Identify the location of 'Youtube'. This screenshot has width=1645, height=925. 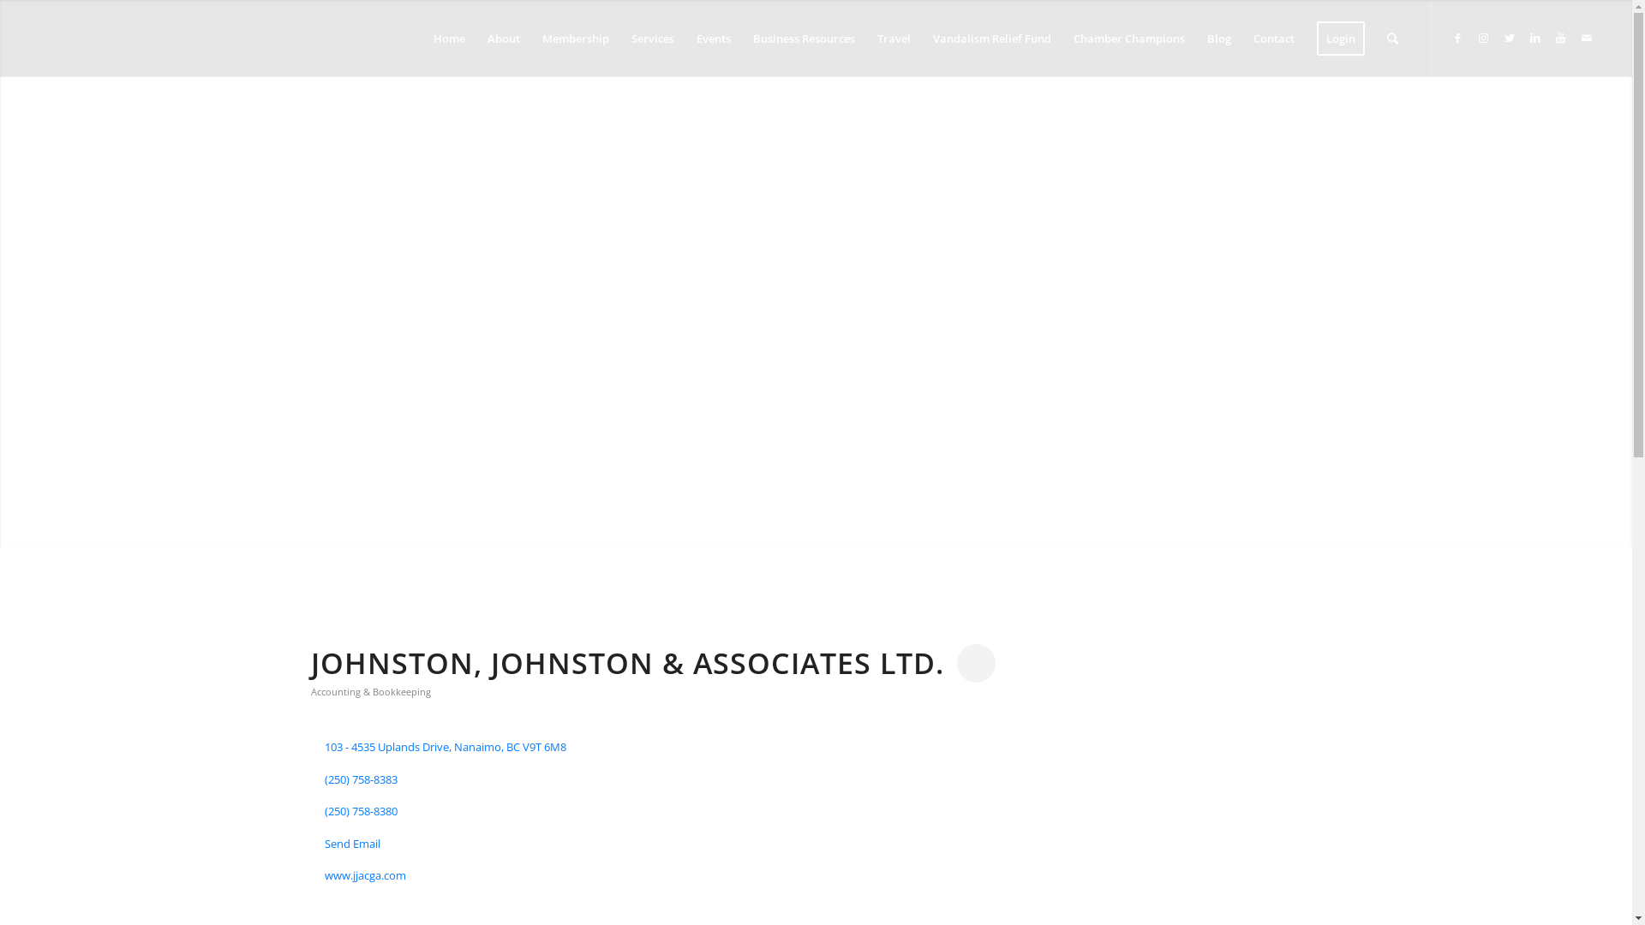
(1561, 37).